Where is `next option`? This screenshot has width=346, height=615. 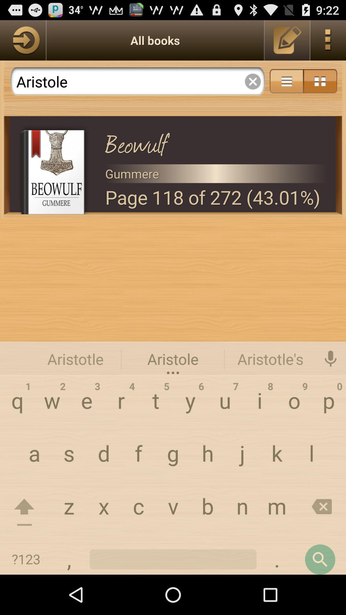
next option is located at coordinates (22, 40).